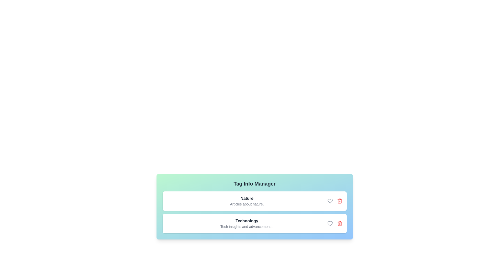 The width and height of the screenshot is (491, 276). I want to click on the trash icon to remove the tag labeled Technology, so click(340, 223).